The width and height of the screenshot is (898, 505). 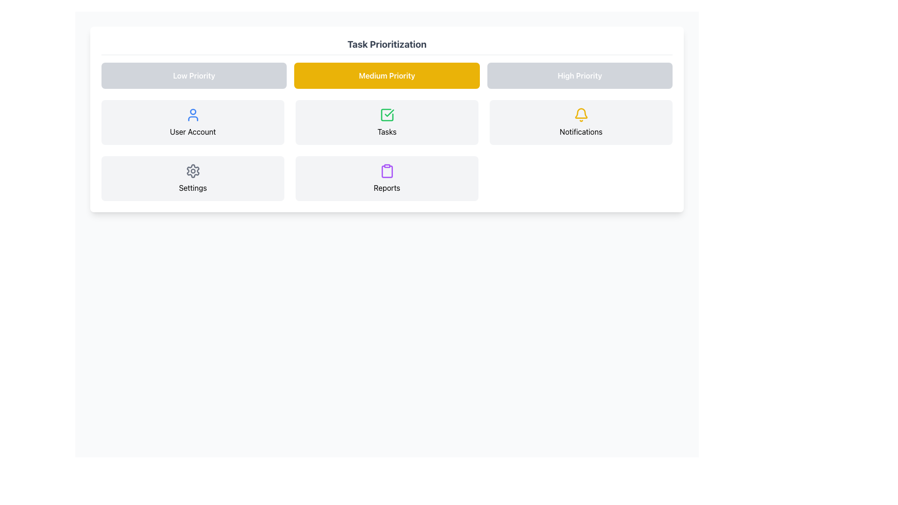 I want to click on the Card-like informational UI element located in the central column of a 2x3 grid layout, specifically in the second row, so click(x=387, y=122).